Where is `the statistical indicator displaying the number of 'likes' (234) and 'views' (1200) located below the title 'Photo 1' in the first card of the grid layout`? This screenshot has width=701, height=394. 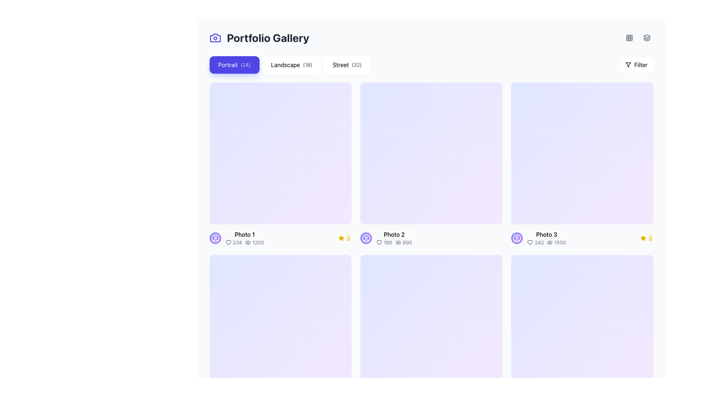 the statistical indicator displaying the number of 'likes' (234) and 'views' (1200) located below the title 'Photo 1' in the first card of the grid layout is located at coordinates (245, 243).